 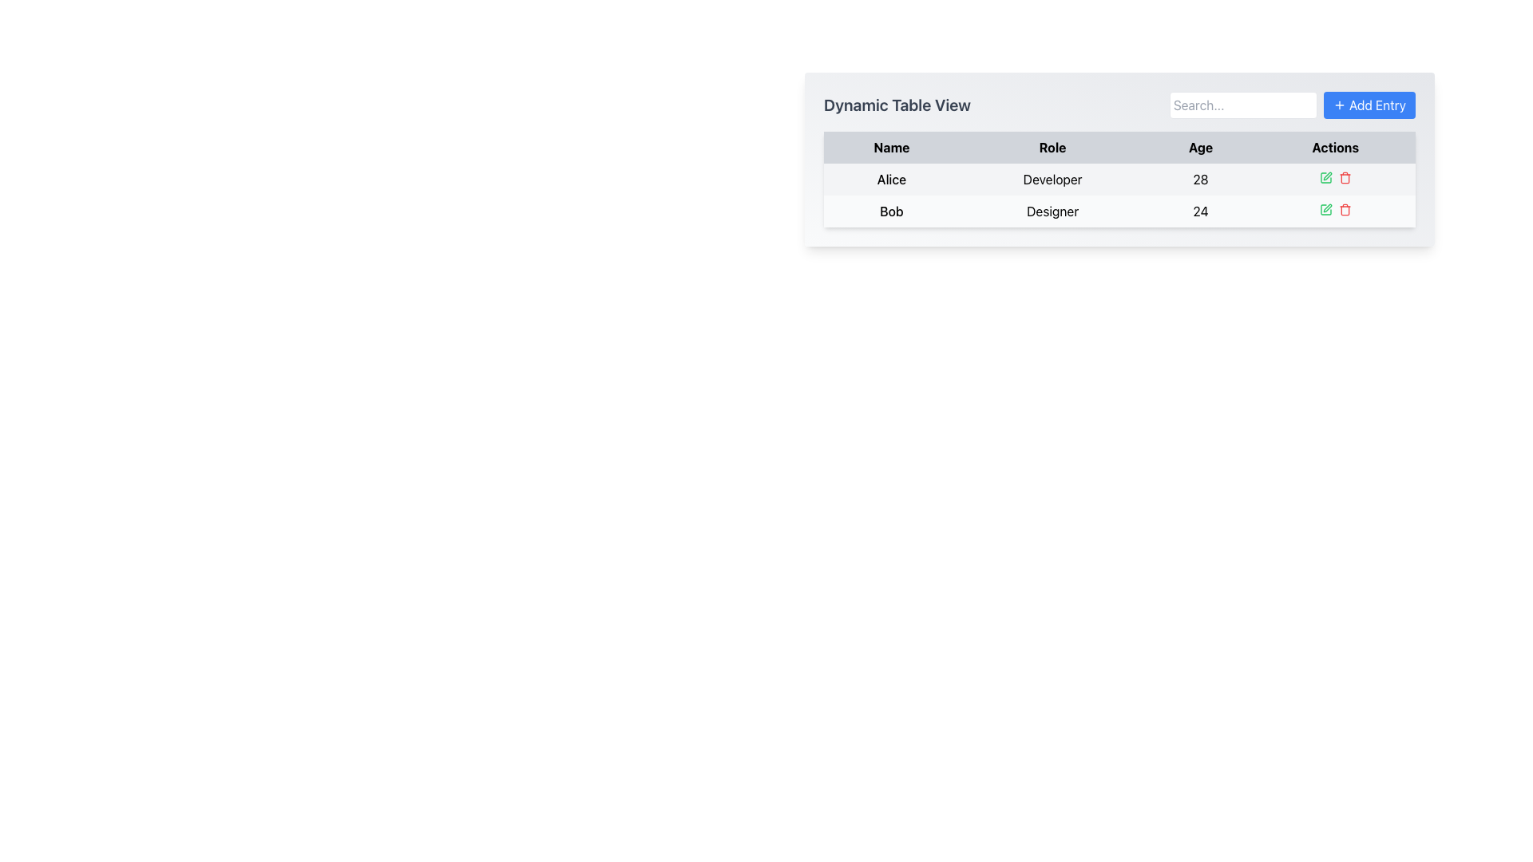 What do you see at coordinates (1327, 176) in the screenshot?
I see `the edit icon located in the 'Actions' column of the table corresponding to the 'Designer' entry` at bounding box center [1327, 176].